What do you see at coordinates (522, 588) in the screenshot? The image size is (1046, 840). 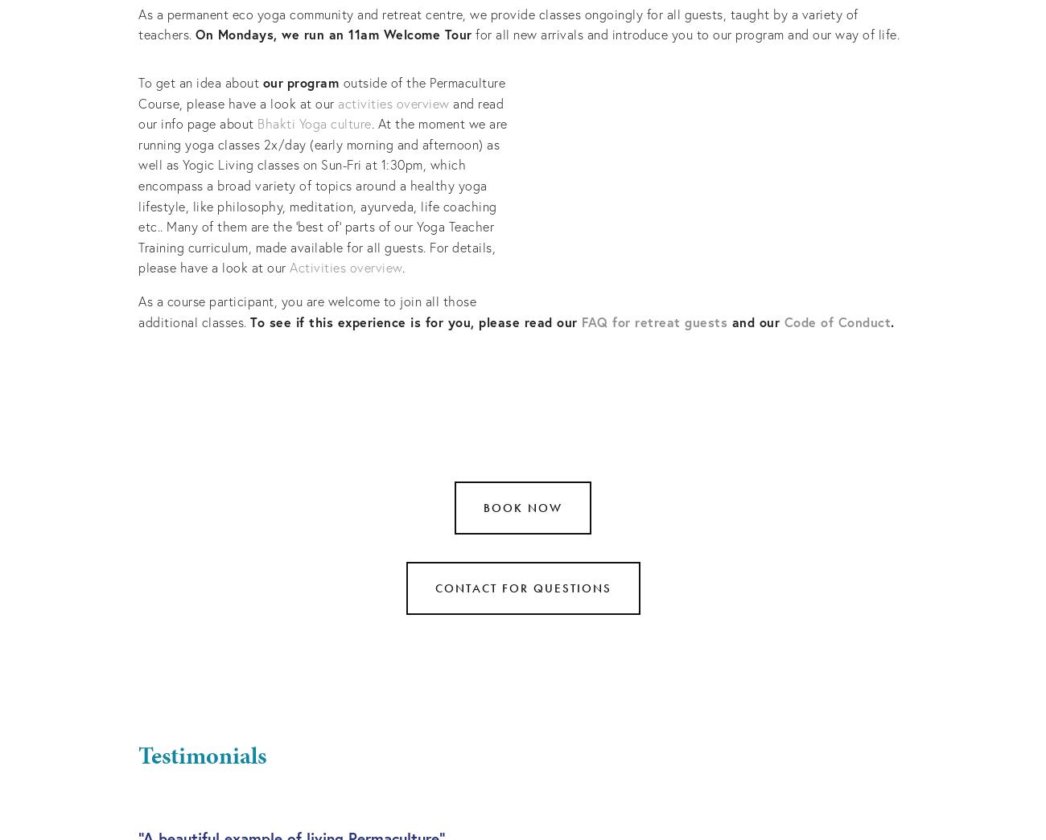 I see `'Contact for questions'` at bounding box center [522, 588].